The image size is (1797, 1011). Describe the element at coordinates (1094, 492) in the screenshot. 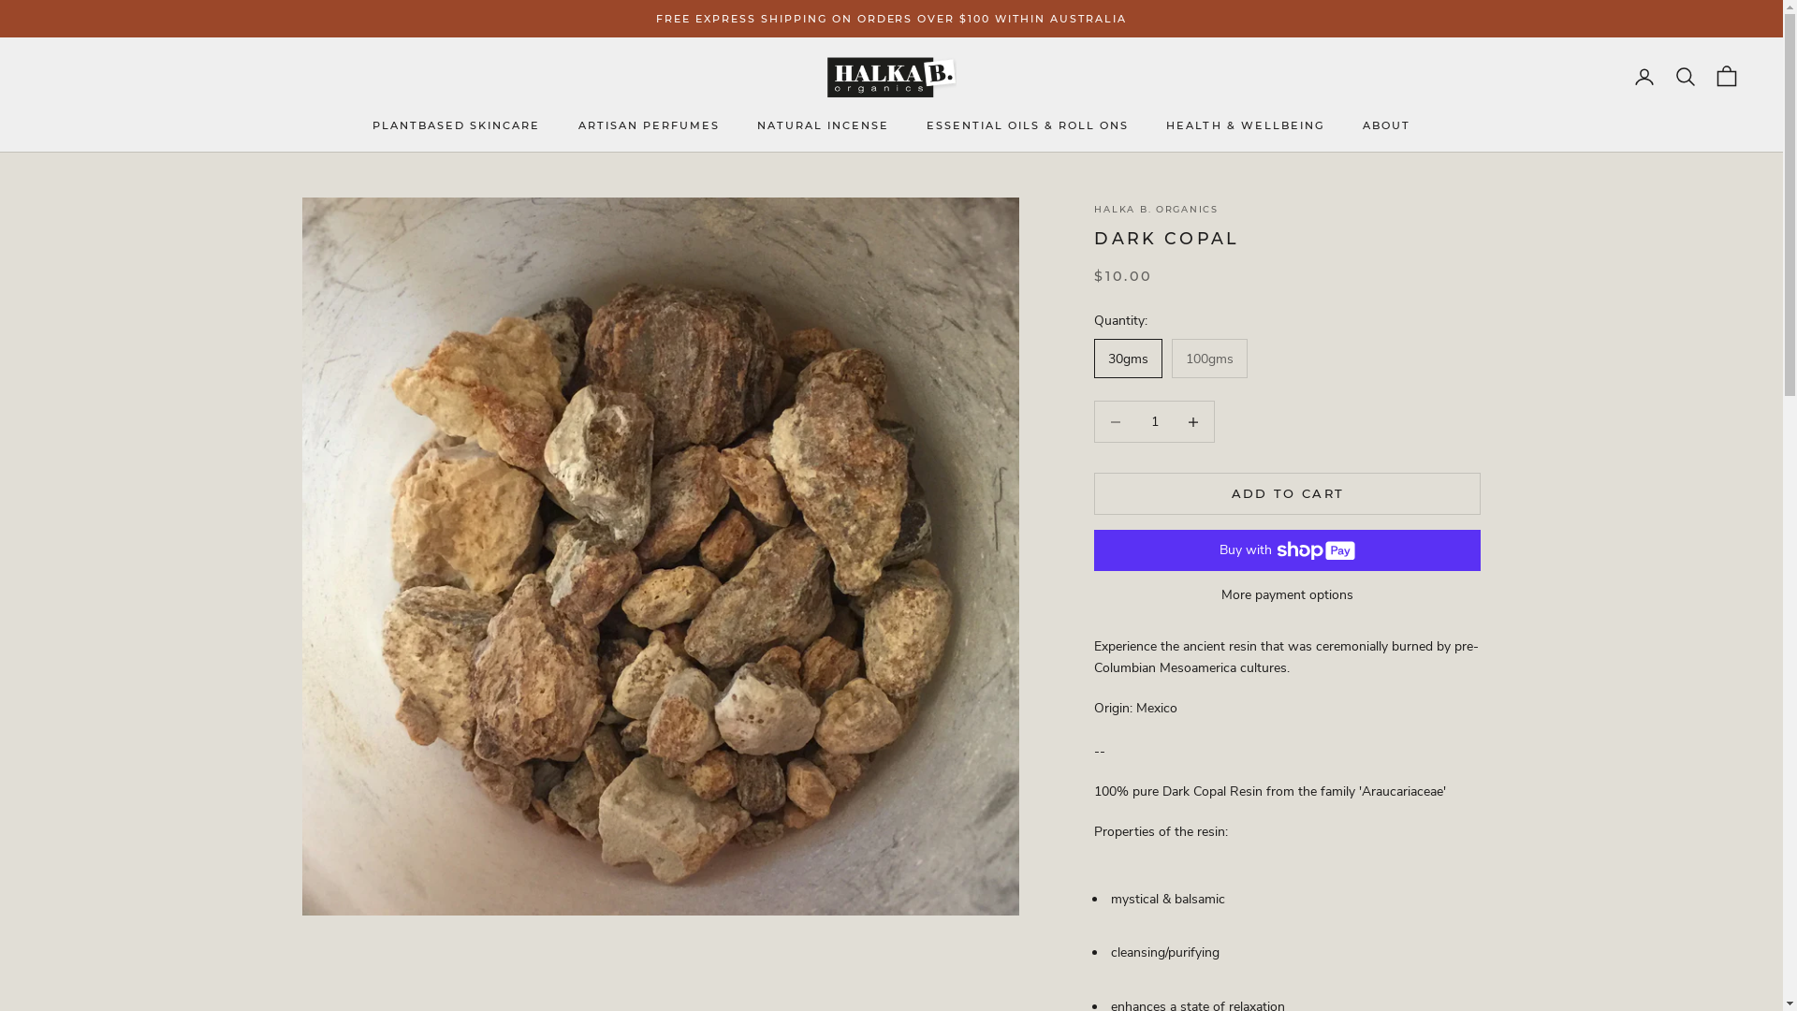

I see `'ADD TO CART'` at that location.